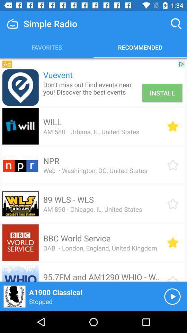 The height and width of the screenshot is (333, 187). Describe the element at coordinates (7, 64) in the screenshot. I see `the item to the left of vuevent` at that location.